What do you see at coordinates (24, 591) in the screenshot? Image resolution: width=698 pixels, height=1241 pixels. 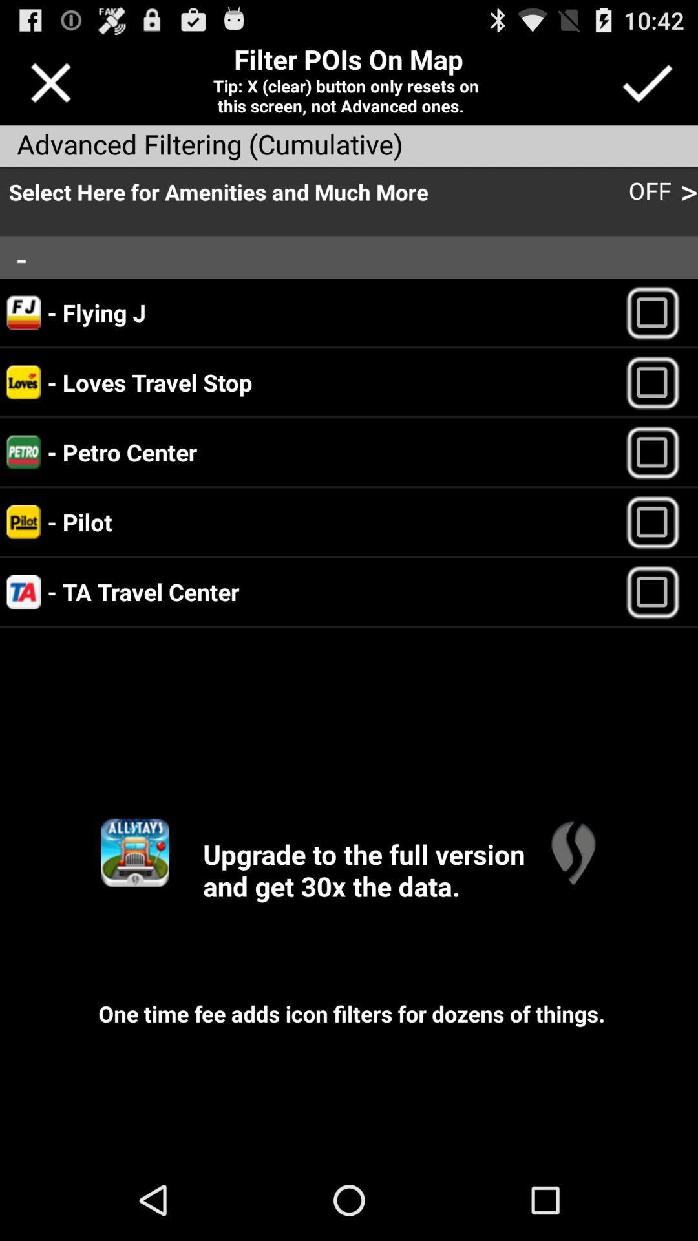 I see `the logo of ta travel center` at bounding box center [24, 591].